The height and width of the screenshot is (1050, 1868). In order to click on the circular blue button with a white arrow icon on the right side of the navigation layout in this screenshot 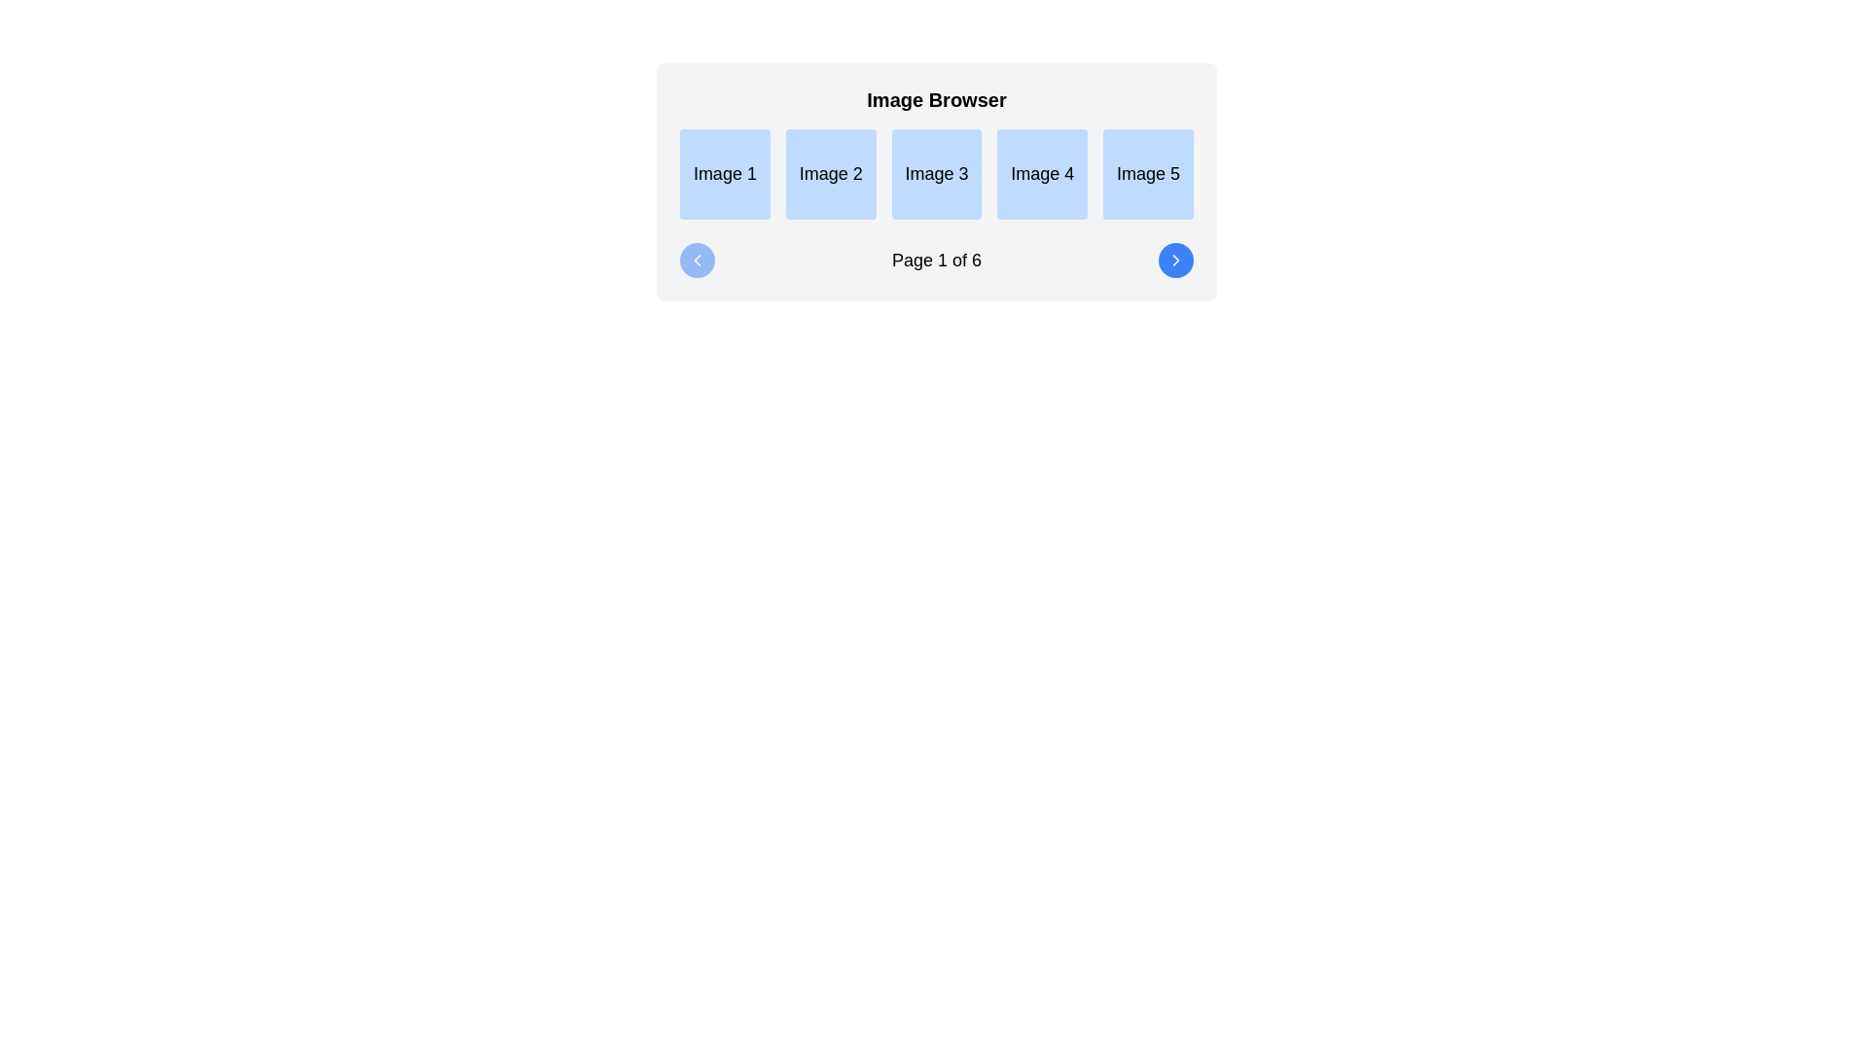, I will do `click(1175, 258)`.